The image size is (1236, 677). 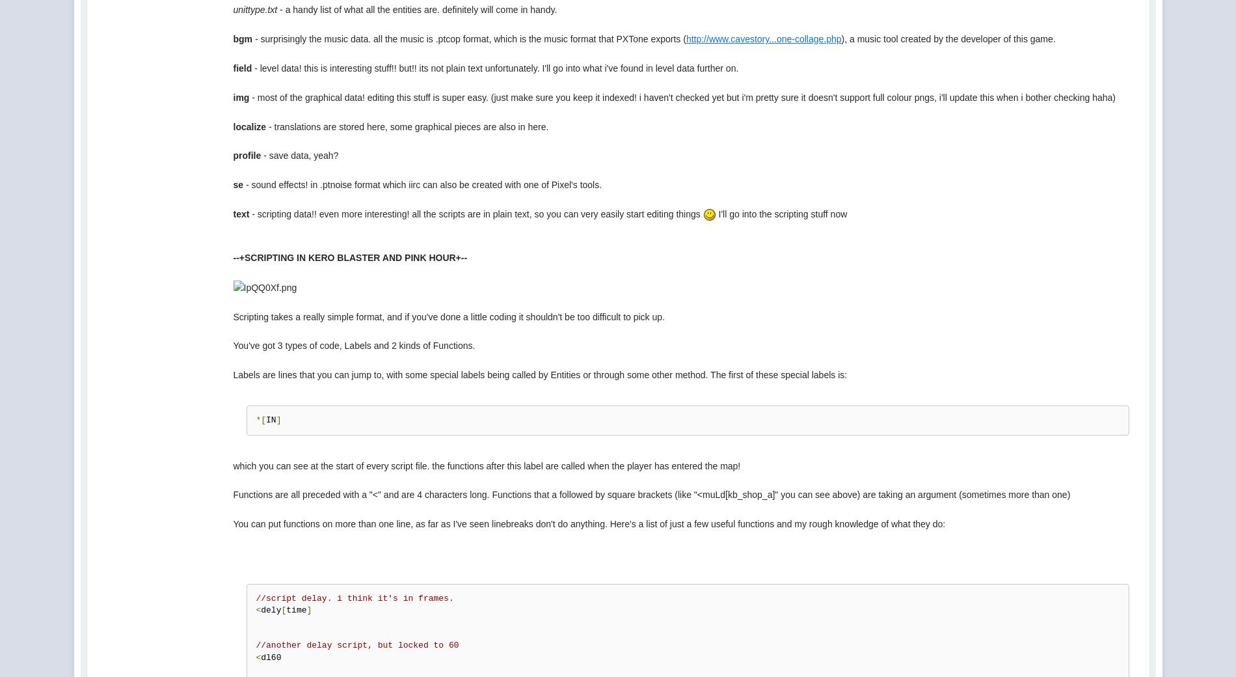 I want to click on '--+SCRIPTING IN KERO BLASTER AND PINK HOUR+--', so click(x=350, y=258).